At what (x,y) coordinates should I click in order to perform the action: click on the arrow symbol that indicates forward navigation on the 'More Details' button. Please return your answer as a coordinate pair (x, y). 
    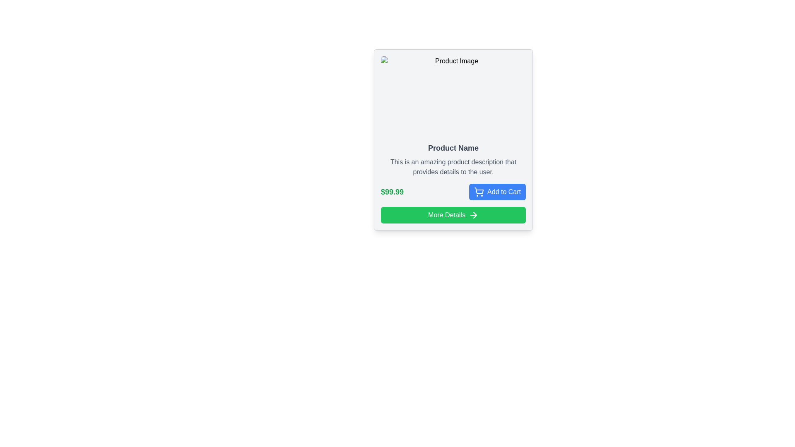
    Looking at the image, I should click on (475, 215).